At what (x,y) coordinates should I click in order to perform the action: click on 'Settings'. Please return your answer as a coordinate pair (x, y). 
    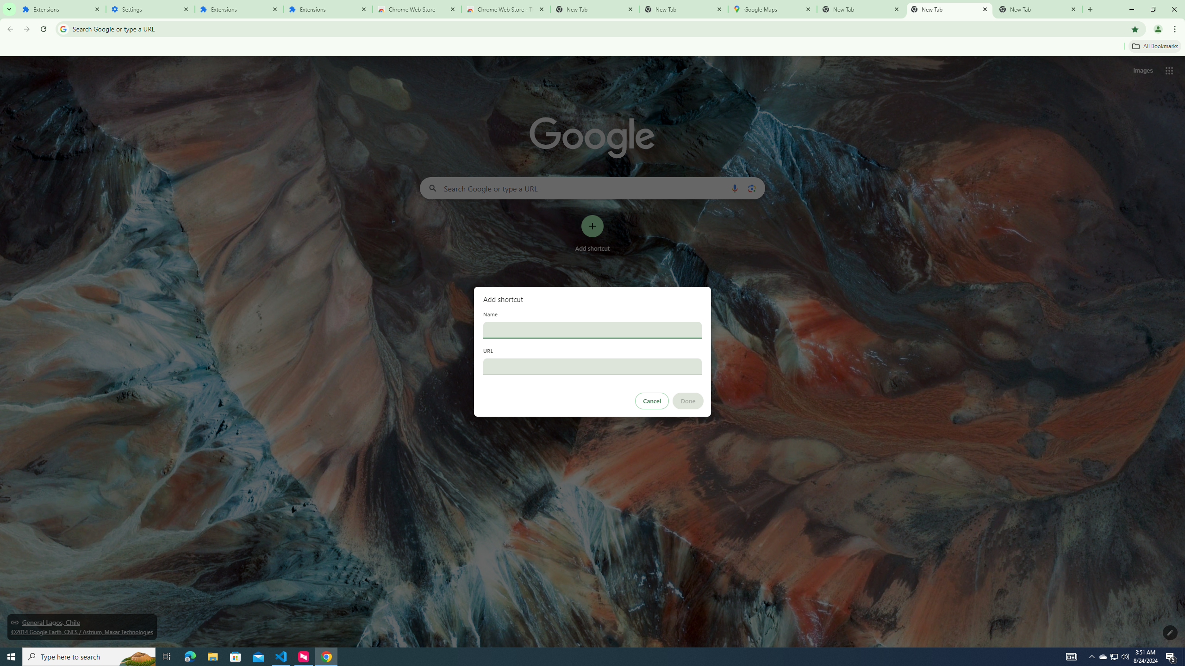
    Looking at the image, I should click on (150, 9).